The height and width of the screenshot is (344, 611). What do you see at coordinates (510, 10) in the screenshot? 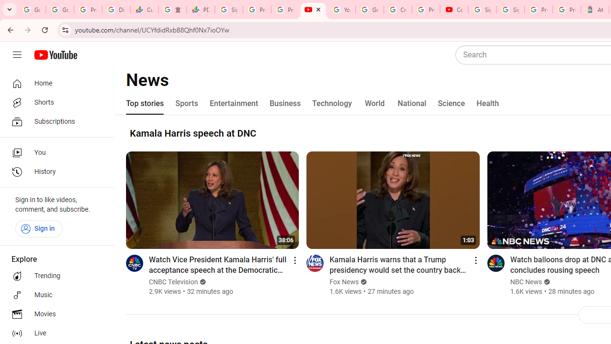
I see `'Sign in - Google Accounts'` at bounding box center [510, 10].